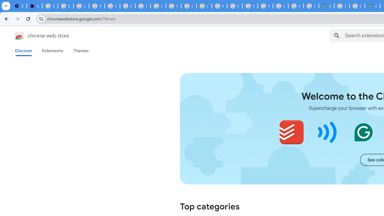 Image resolution: width=384 pixels, height=216 pixels. I want to click on 'Google Account Help', so click(112, 6).